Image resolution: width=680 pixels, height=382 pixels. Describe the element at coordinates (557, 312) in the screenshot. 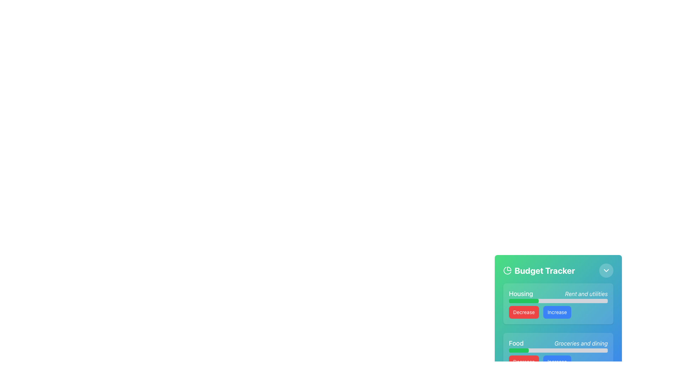

I see `the 'Increase' button with a blue background and white text` at that location.